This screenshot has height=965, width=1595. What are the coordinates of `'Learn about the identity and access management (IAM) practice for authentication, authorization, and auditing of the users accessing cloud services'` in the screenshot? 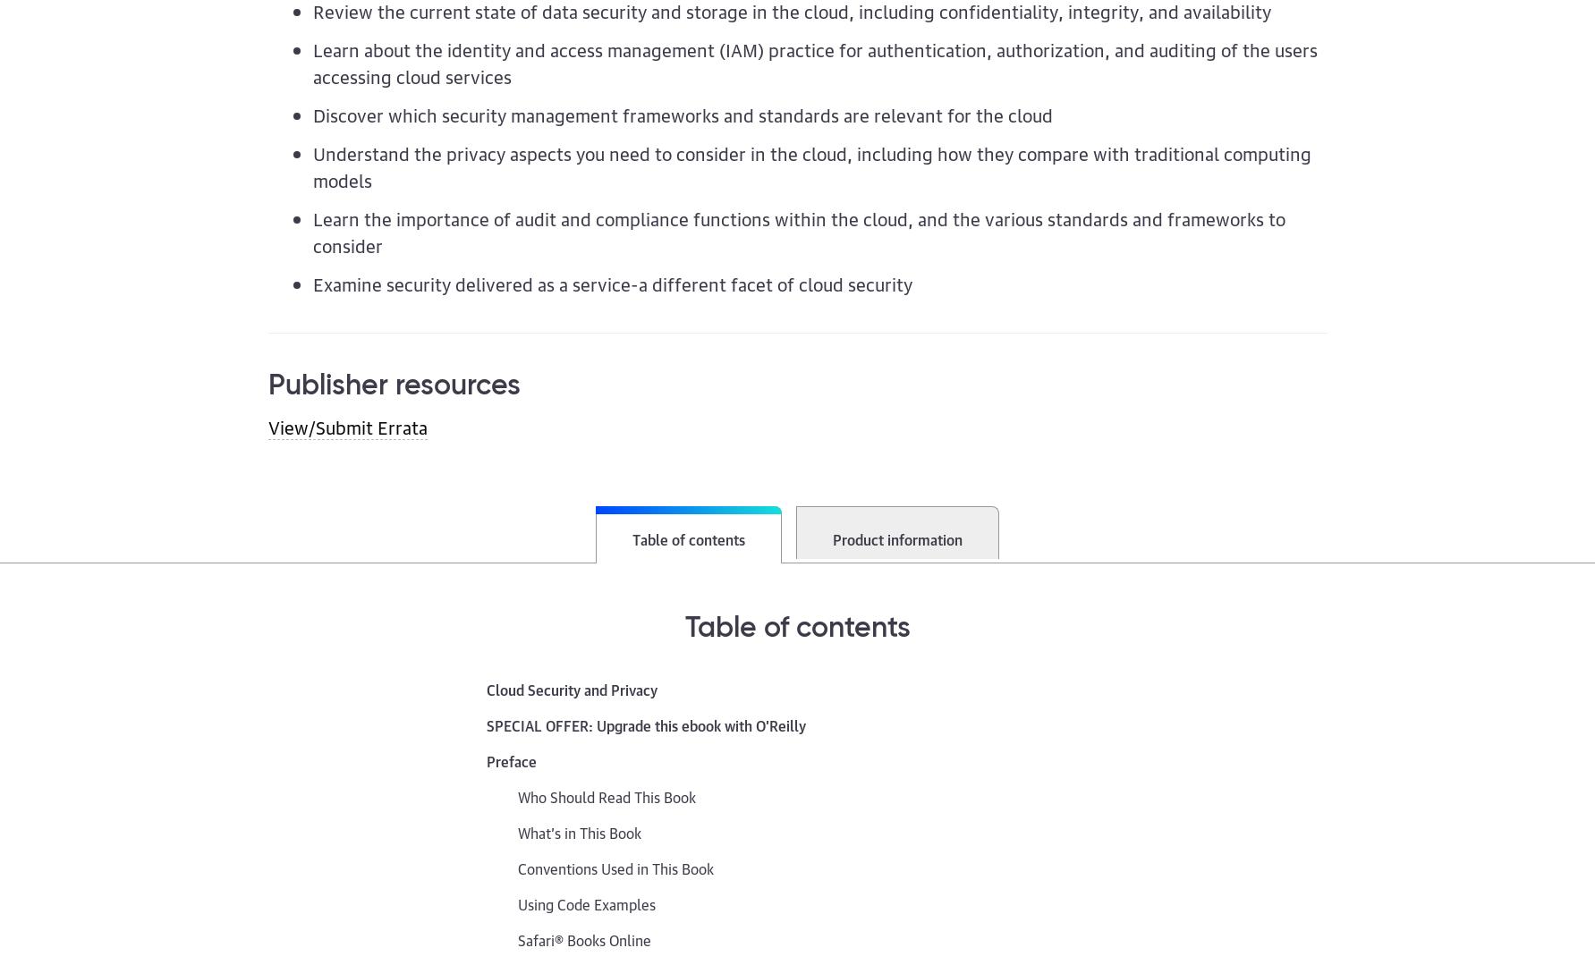 It's located at (813, 60).